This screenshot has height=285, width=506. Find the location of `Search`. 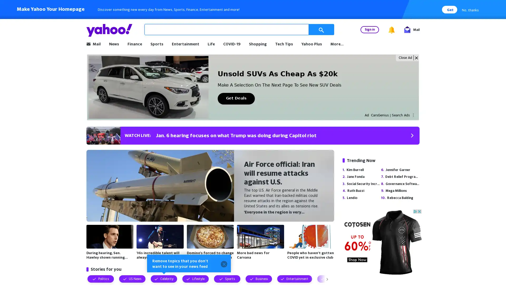

Search is located at coordinates (321, 29).